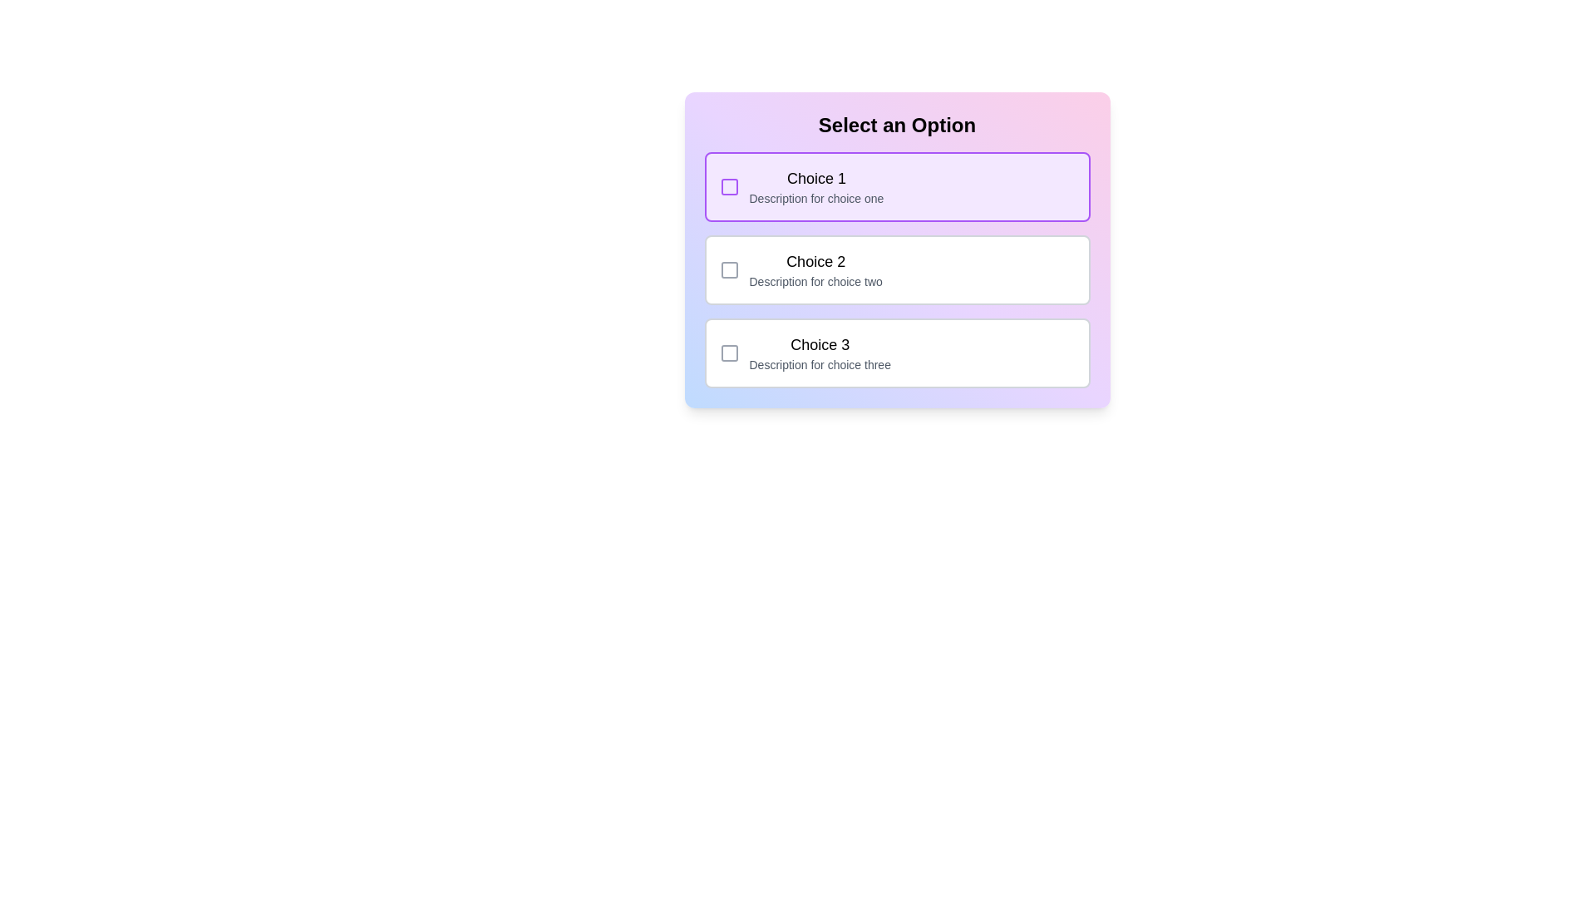 The image size is (1596, 898). Describe the element at coordinates (729, 186) in the screenshot. I see `the checkbox for 'Choice 1'` at that location.